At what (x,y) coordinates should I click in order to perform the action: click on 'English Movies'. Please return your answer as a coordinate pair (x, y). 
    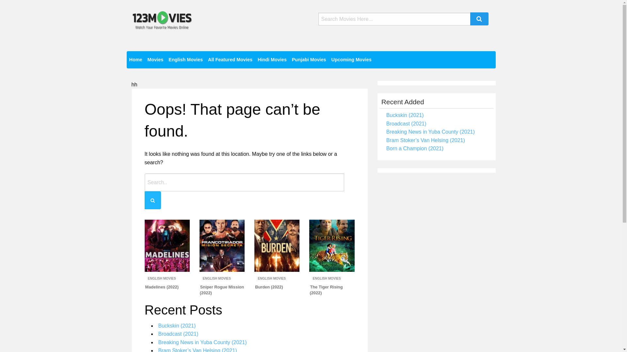
    Looking at the image, I should click on (185, 60).